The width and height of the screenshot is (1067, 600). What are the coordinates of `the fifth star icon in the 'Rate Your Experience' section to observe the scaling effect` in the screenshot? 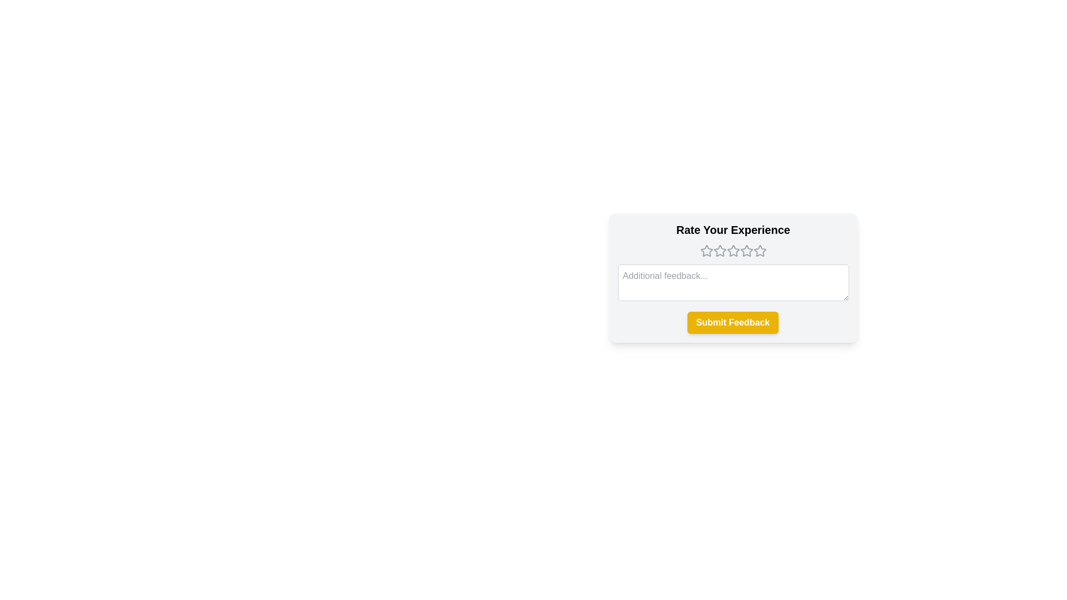 It's located at (759, 251).